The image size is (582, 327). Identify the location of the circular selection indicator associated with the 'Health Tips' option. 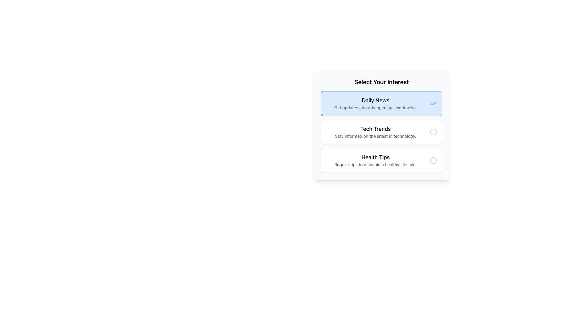
(433, 160).